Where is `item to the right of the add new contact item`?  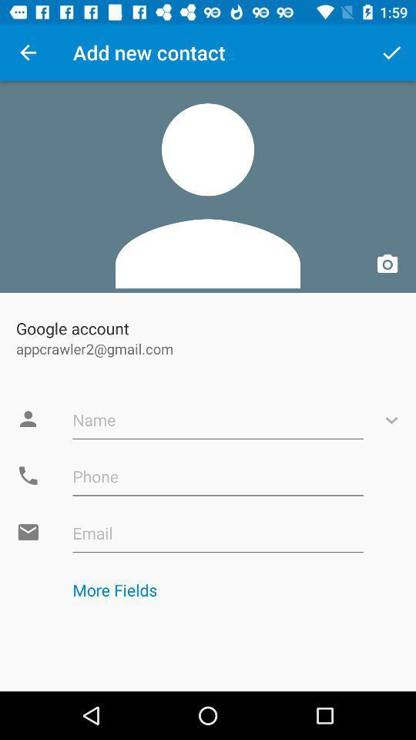 item to the right of the add new contact item is located at coordinates (391, 52).